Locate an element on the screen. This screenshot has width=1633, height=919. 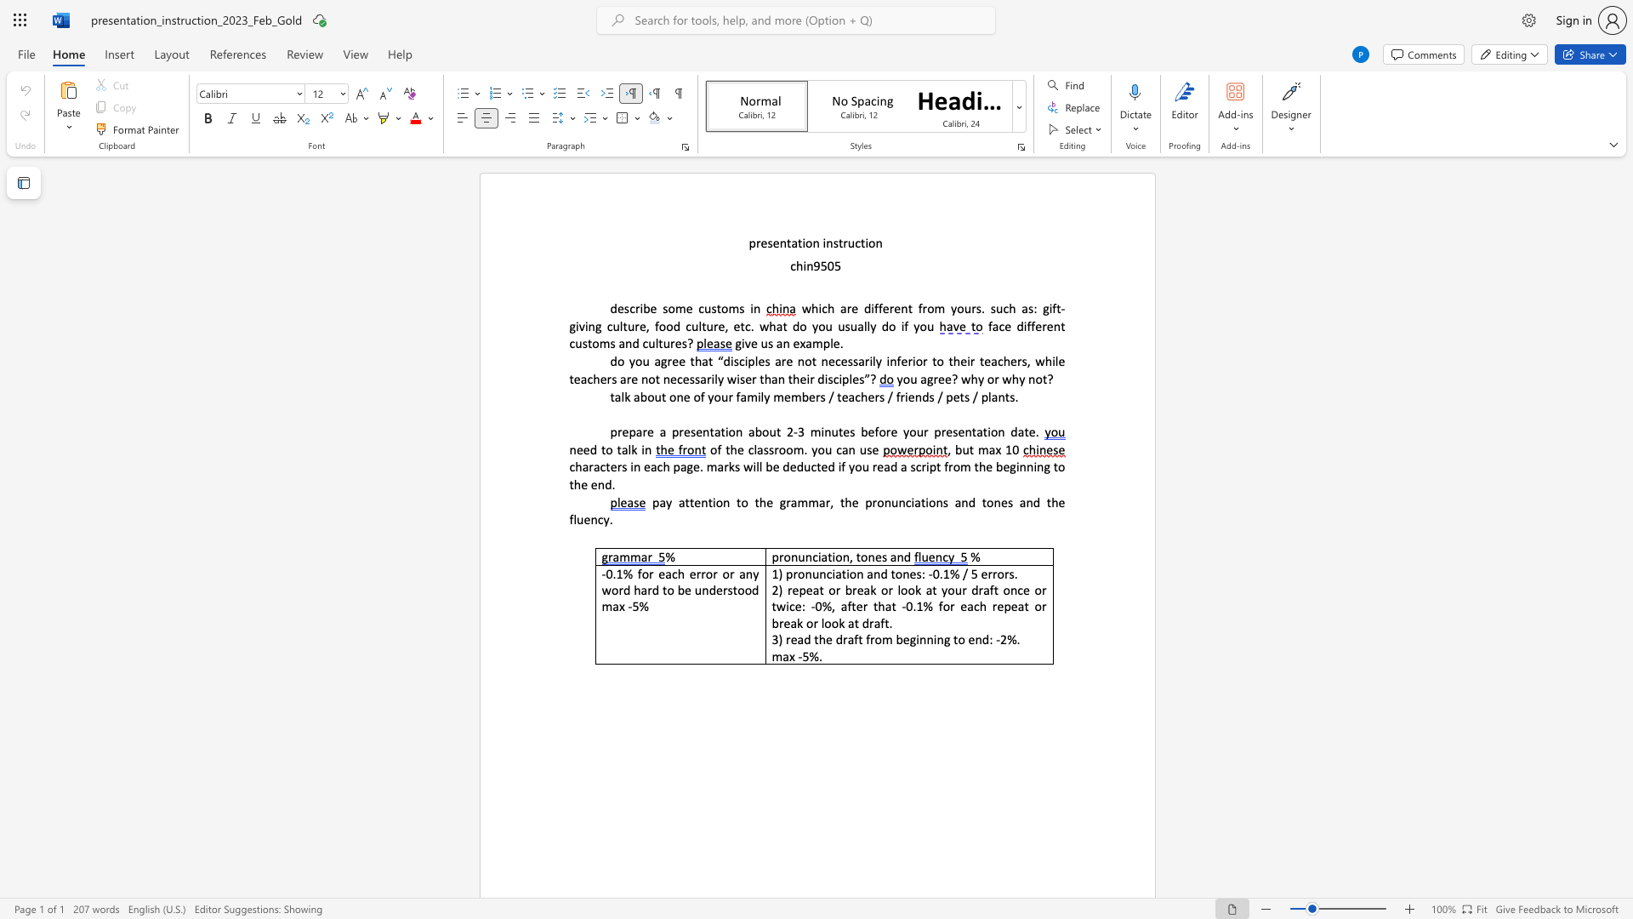
the subset text "need" within the text "need to talk in" is located at coordinates (569, 448).